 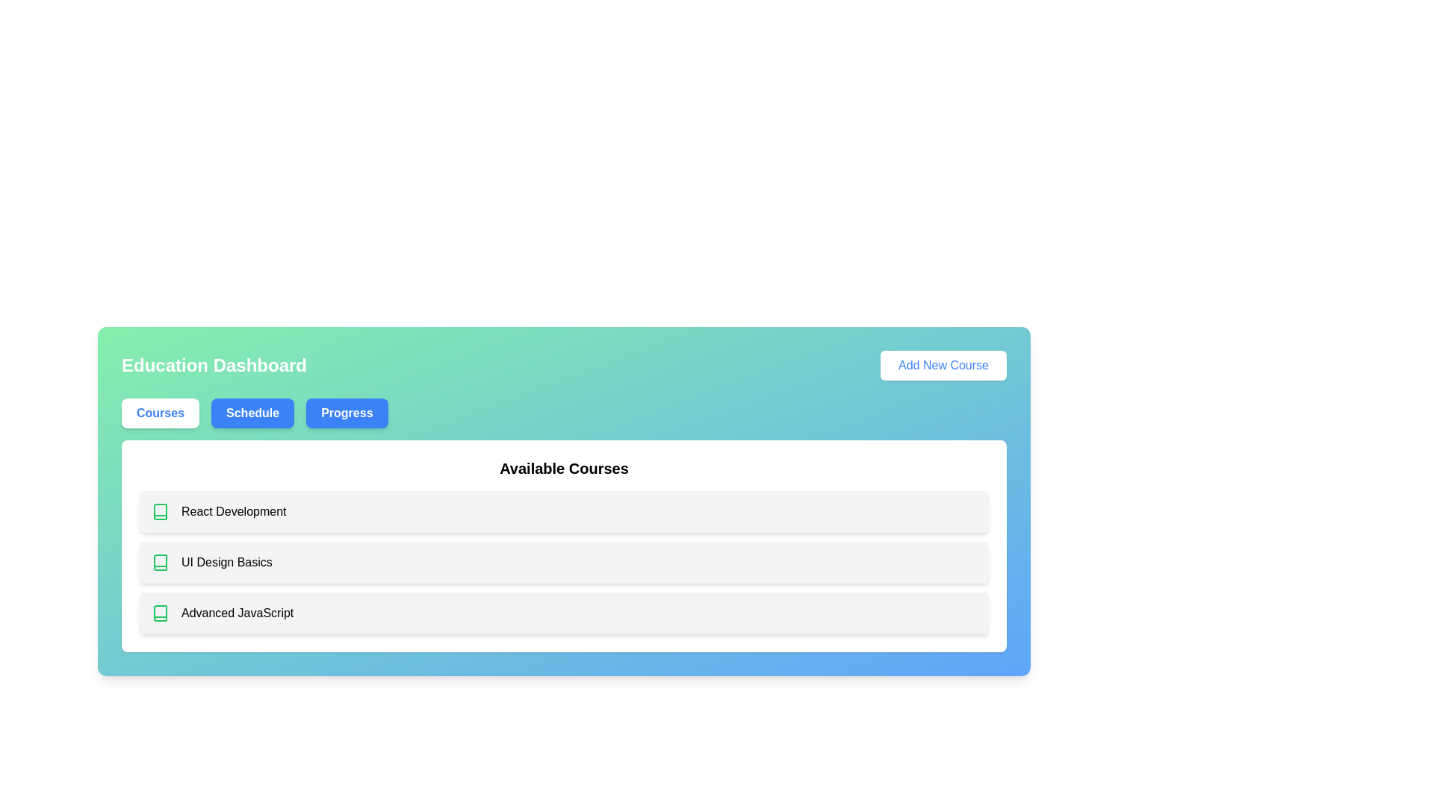 I want to click on the 'Available Courses' text heading, which is bold and larger, located at the top of the course list section, so click(x=563, y=468).